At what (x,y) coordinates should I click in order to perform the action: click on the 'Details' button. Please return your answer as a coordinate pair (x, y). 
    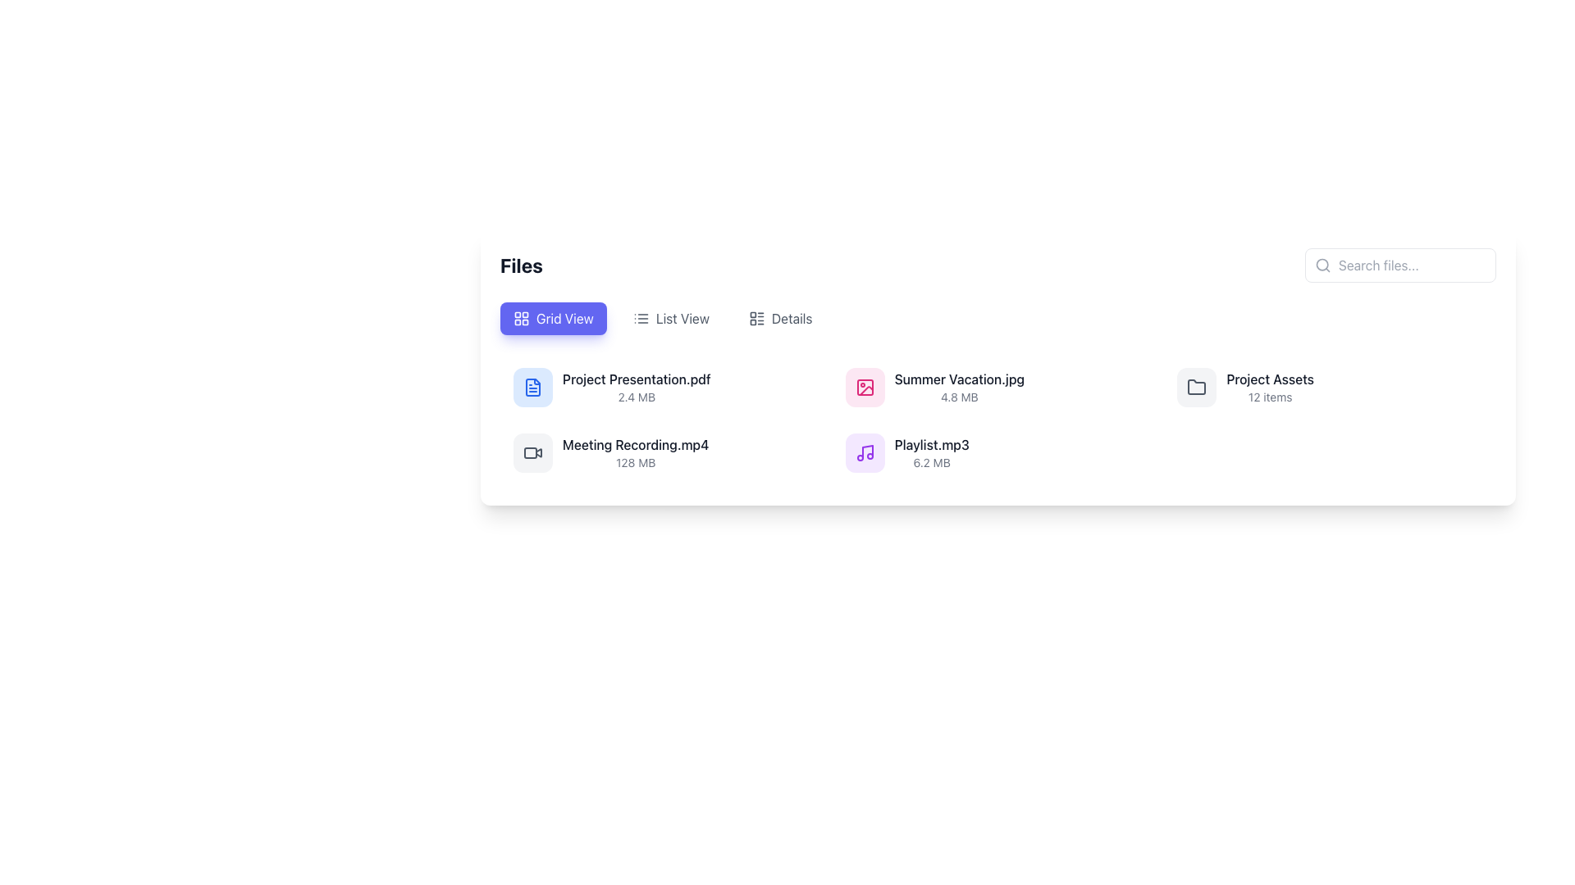
    Looking at the image, I should click on (779, 319).